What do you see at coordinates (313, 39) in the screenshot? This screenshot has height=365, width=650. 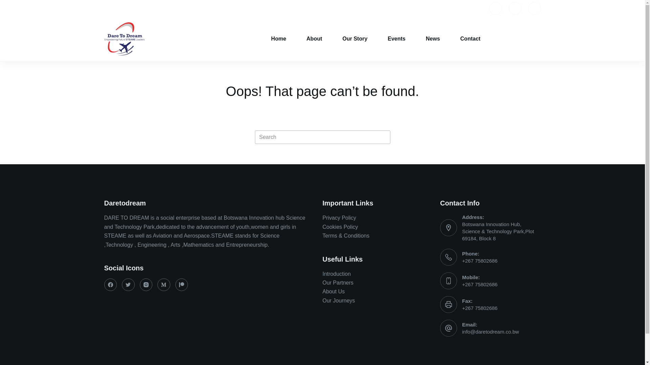 I see `'About'` at bounding box center [313, 39].